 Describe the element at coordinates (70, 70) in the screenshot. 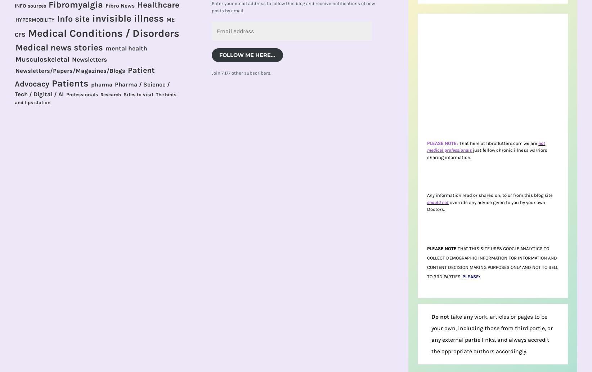

I see `'Newsletters/Papers/Magazines/Blogs'` at that location.